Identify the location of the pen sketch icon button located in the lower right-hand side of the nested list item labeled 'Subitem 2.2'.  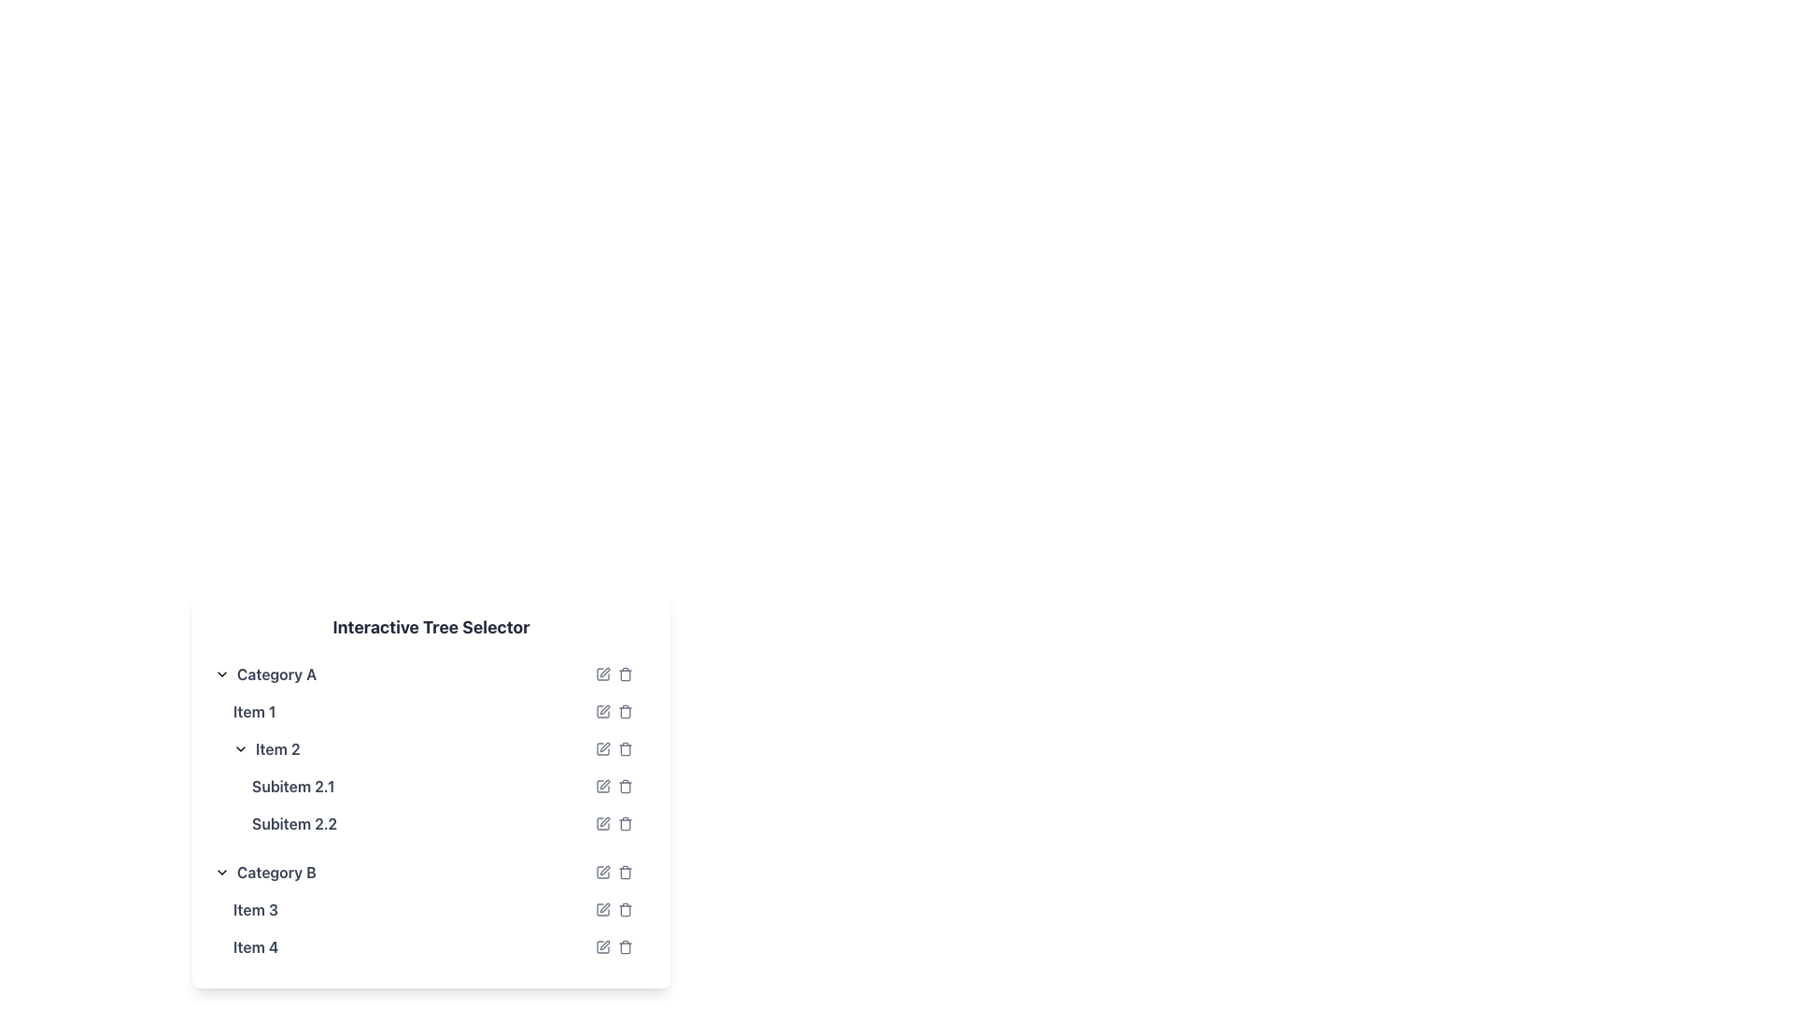
(605, 820).